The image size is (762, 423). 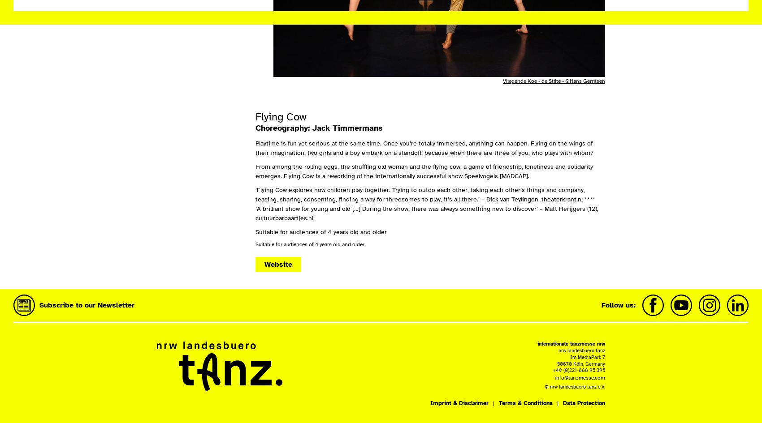 What do you see at coordinates (347, 128) in the screenshot?
I see `'Jack Timmermans'` at bounding box center [347, 128].